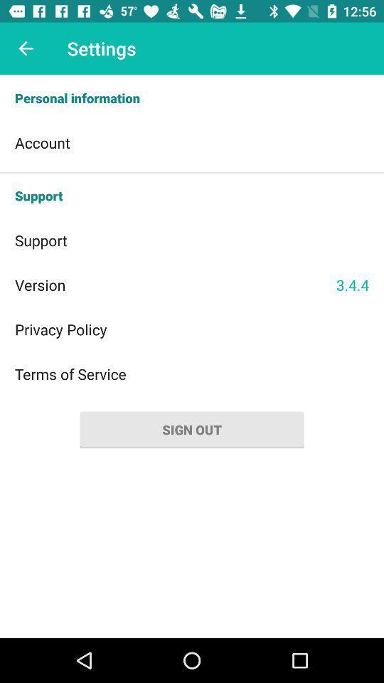 The image size is (384, 683). Describe the element at coordinates (175, 284) in the screenshot. I see `the item above the privacy policy icon` at that location.